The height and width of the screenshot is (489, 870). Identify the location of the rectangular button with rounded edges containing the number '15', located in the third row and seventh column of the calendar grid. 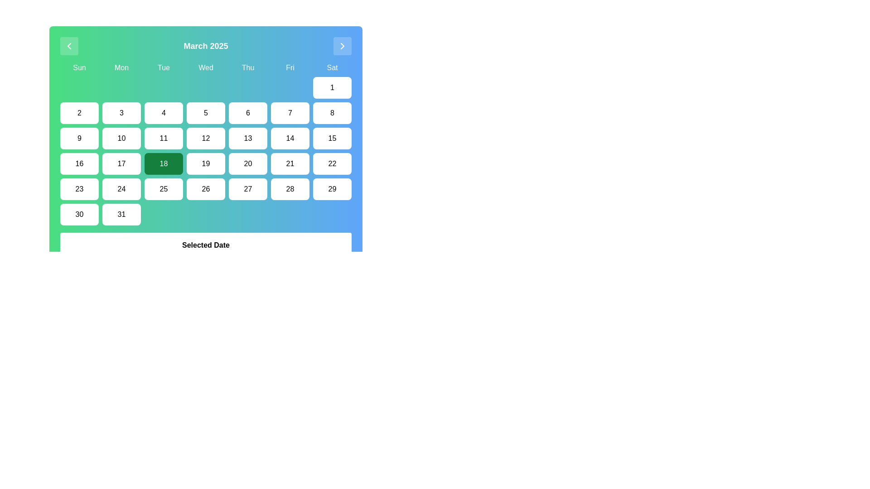
(332, 138).